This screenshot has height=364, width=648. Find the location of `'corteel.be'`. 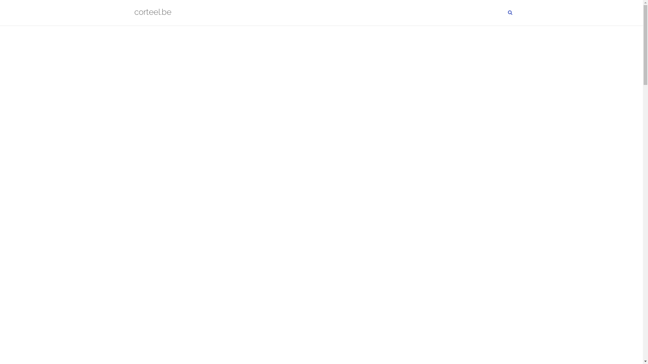

'corteel.be' is located at coordinates (152, 13).